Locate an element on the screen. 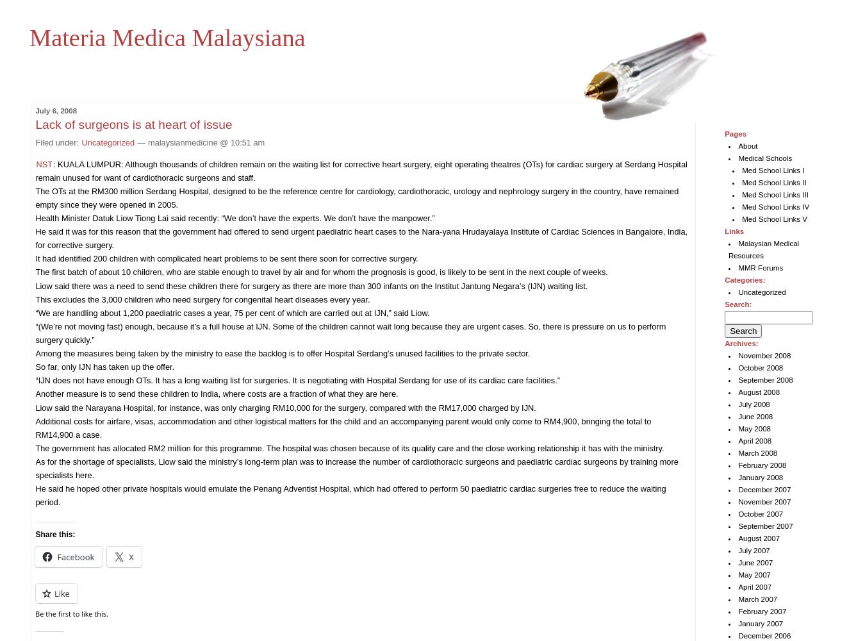 The image size is (865, 641). 'Med School Links I' is located at coordinates (741, 171).